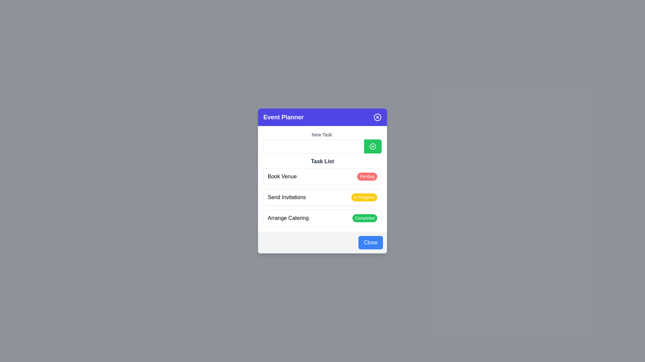 This screenshot has height=362, width=645. Describe the element at coordinates (287, 197) in the screenshot. I see `the static text label that denotes the task 'Send Invitations', positioned to the left of the 'In Progress' label` at that location.